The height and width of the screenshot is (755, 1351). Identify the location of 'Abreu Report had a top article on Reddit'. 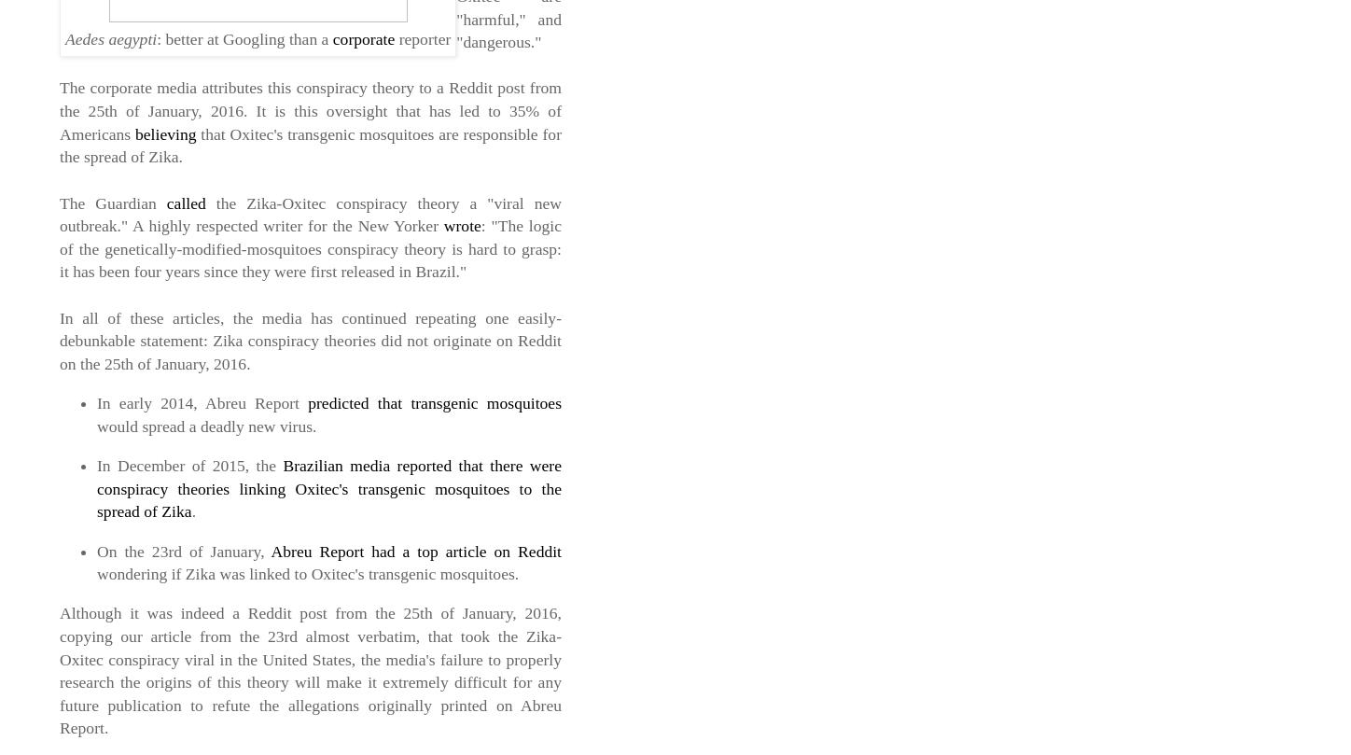
(415, 551).